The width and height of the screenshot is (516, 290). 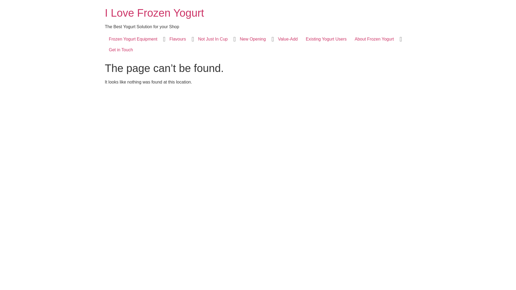 I want to click on 'Value-Add', so click(x=287, y=39).